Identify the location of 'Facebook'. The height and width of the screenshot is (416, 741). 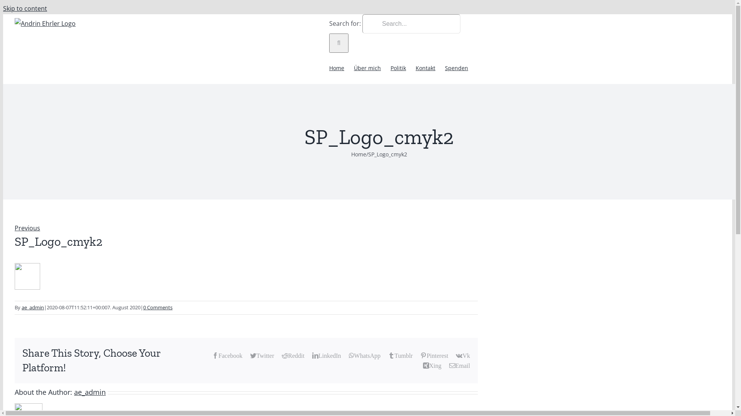
(227, 355).